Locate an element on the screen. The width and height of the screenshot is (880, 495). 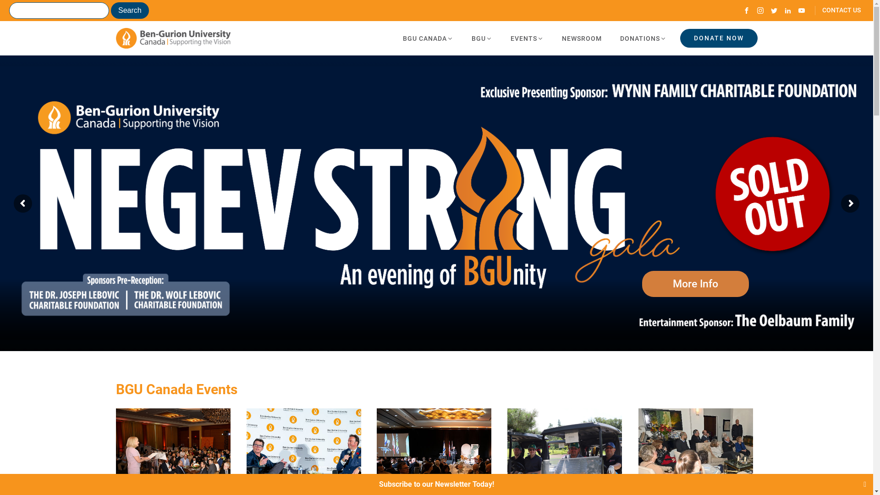
'DONATE NOW' is located at coordinates (680, 38).